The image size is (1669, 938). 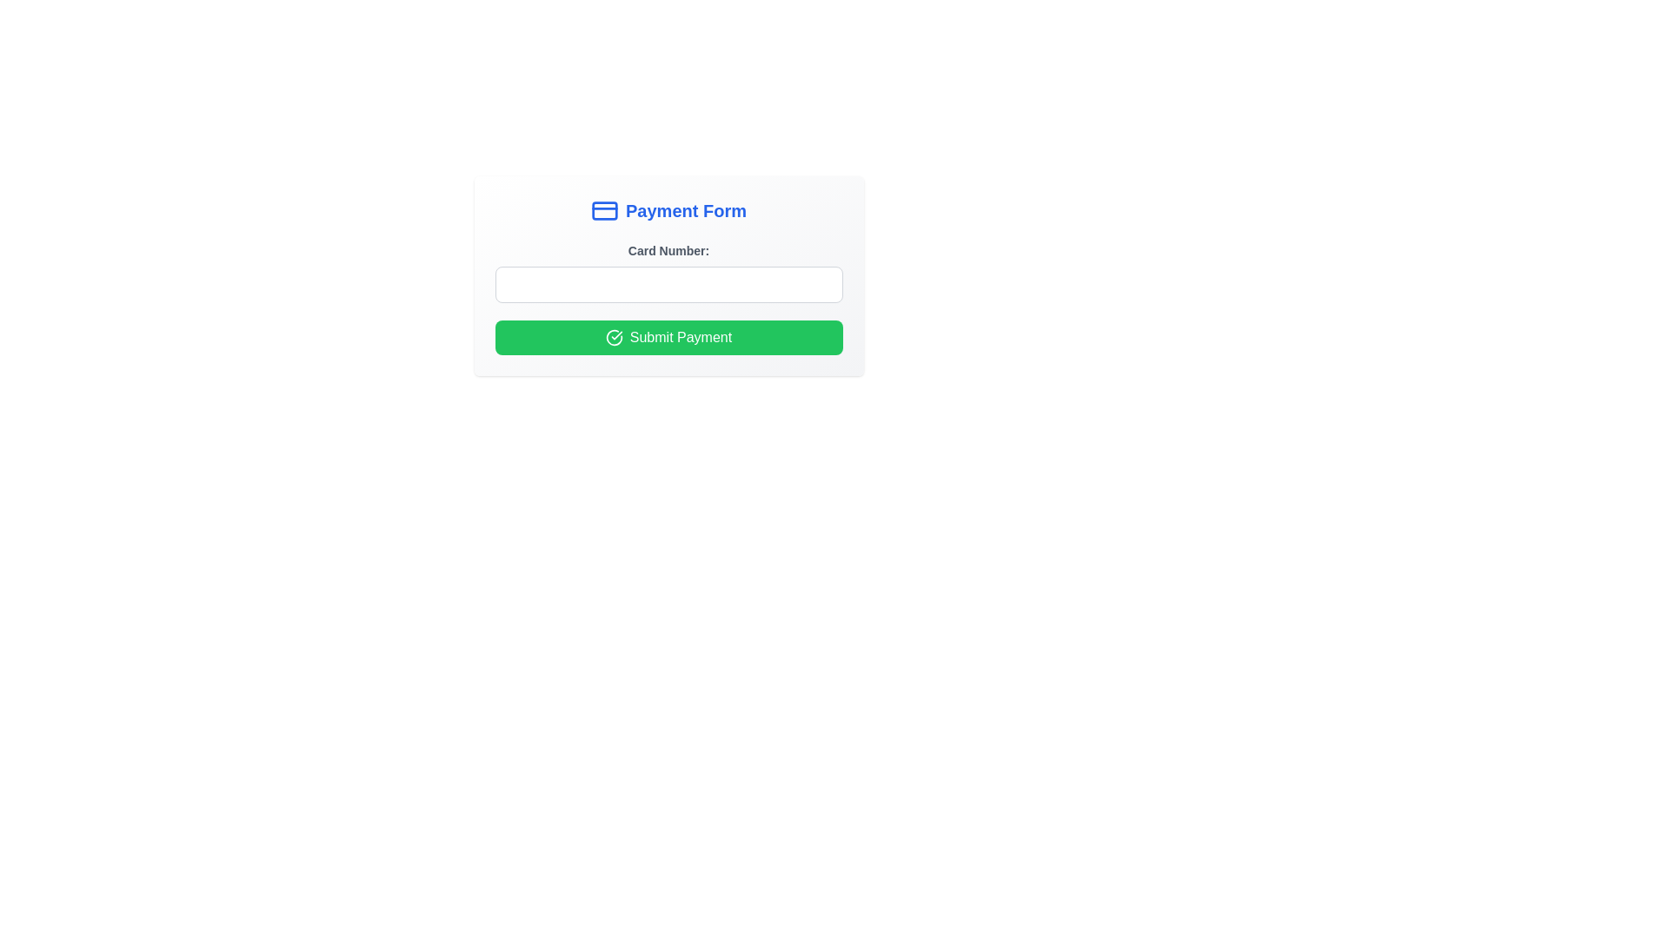 I want to click on the text label that indicates the input field for entering a card number, located directly above the input field in the center of the interface, so click(x=668, y=251).